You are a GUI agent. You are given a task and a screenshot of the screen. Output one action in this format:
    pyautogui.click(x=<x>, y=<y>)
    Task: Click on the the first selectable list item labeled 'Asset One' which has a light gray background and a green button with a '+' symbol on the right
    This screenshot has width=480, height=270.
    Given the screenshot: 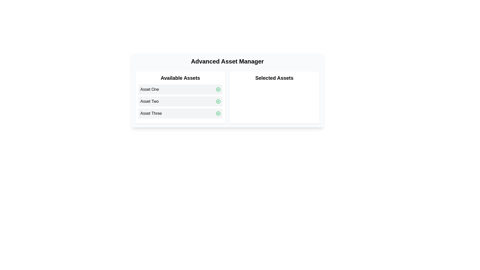 What is the action you would take?
    pyautogui.click(x=180, y=89)
    